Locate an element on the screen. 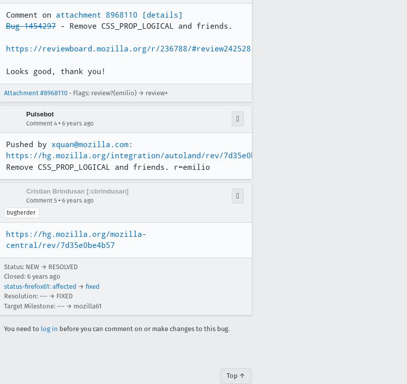 The width and height of the screenshot is (407, 384). 'Bug 1454297' is located at coordinates (31, 25).